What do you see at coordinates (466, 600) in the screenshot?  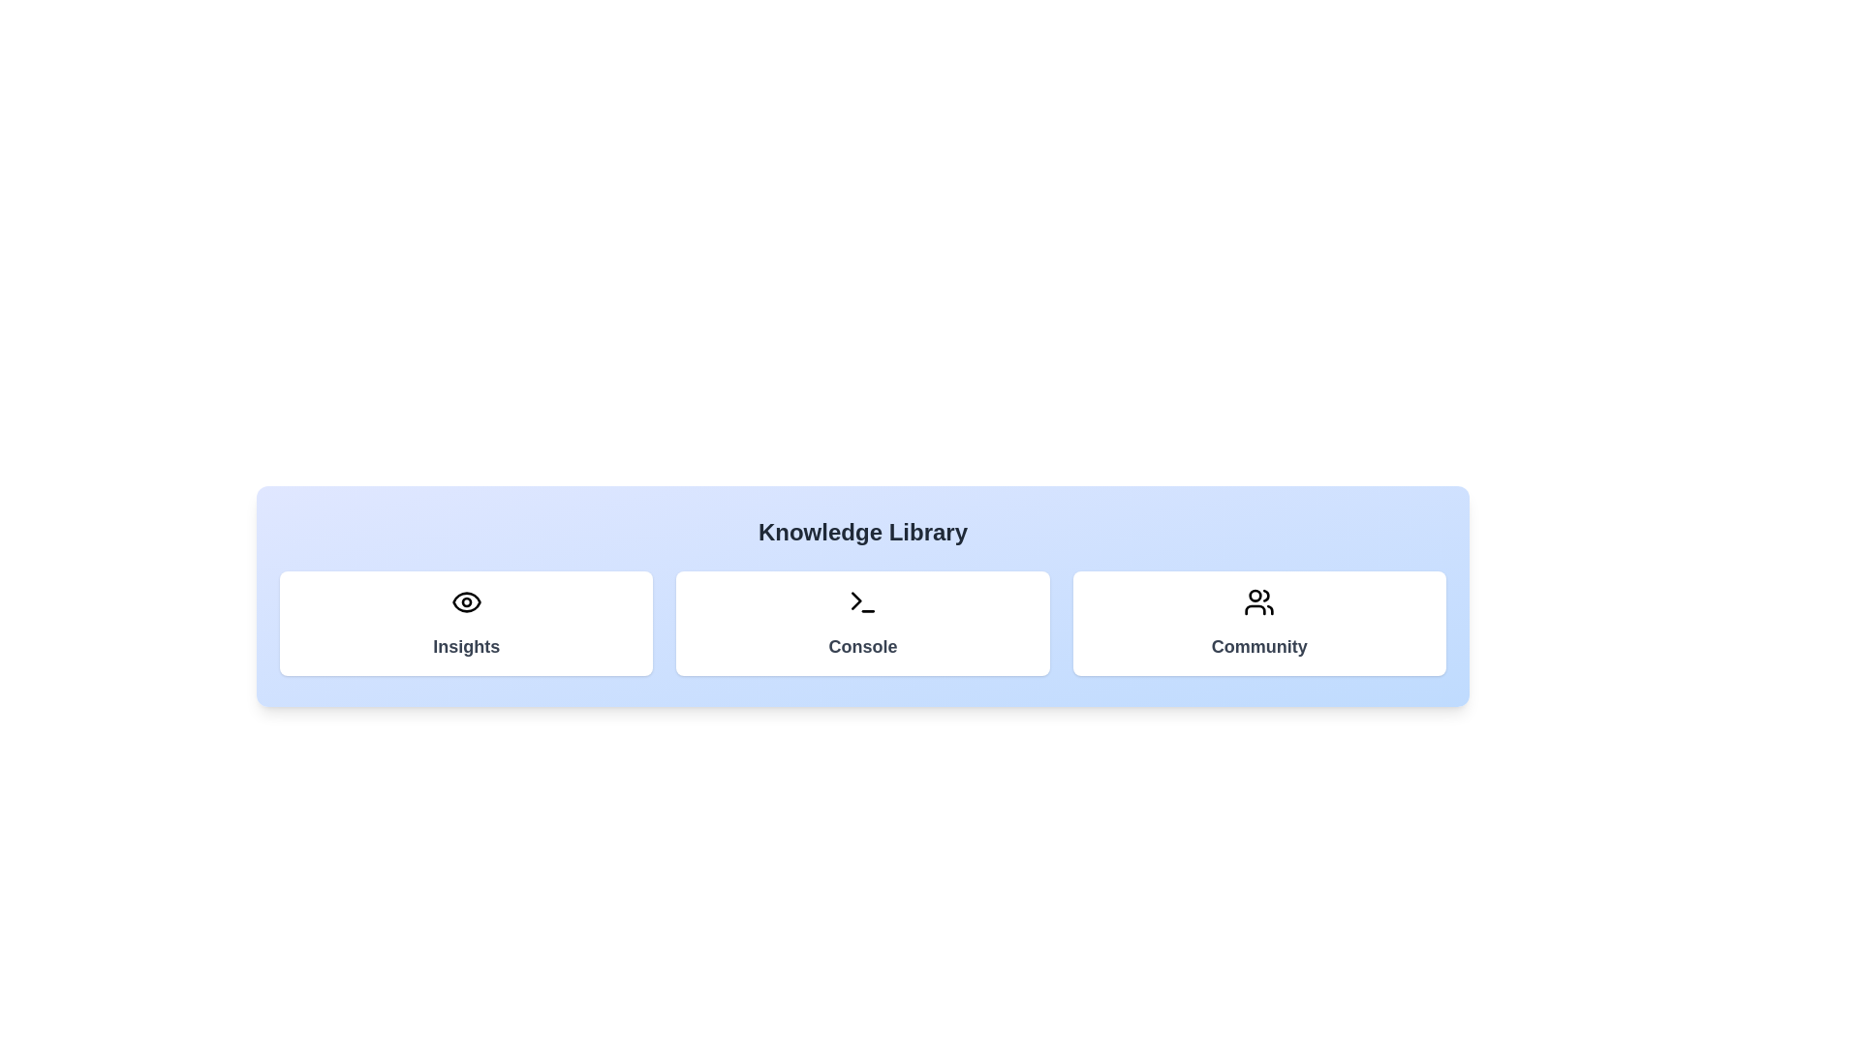 I see `the visibility icon located at the top central part of the 'Insights' card, which symbolizes insights and is positioned above the text label 'Insights'` at bounding box center [466, 600].